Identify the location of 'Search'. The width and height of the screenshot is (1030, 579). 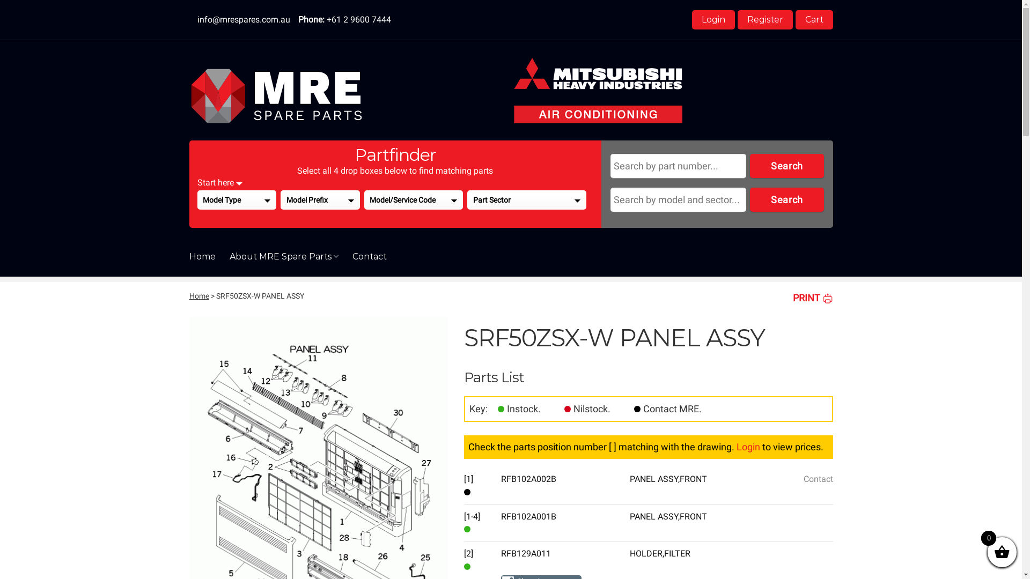
(787, 166).